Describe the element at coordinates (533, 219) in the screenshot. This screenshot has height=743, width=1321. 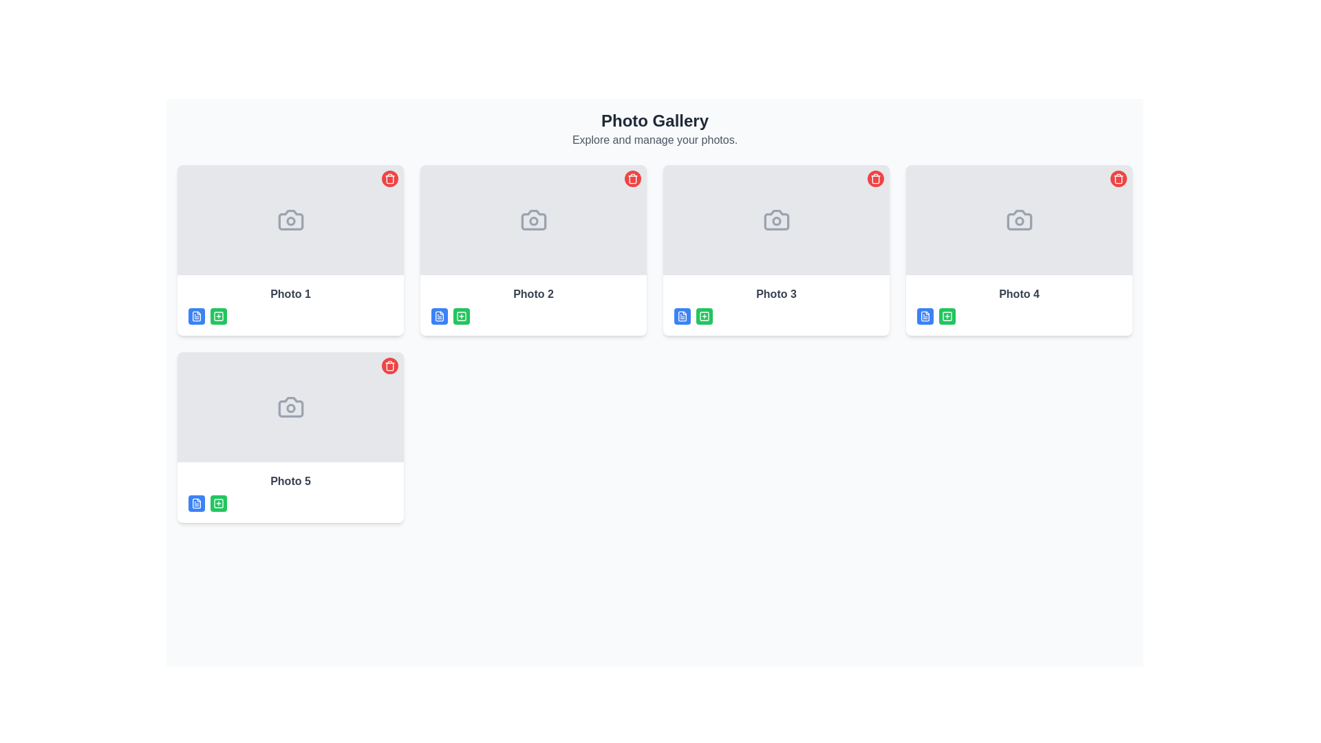
I see `the camera icon located at the center of the gray card labeled 'Photo 2'` at that location.